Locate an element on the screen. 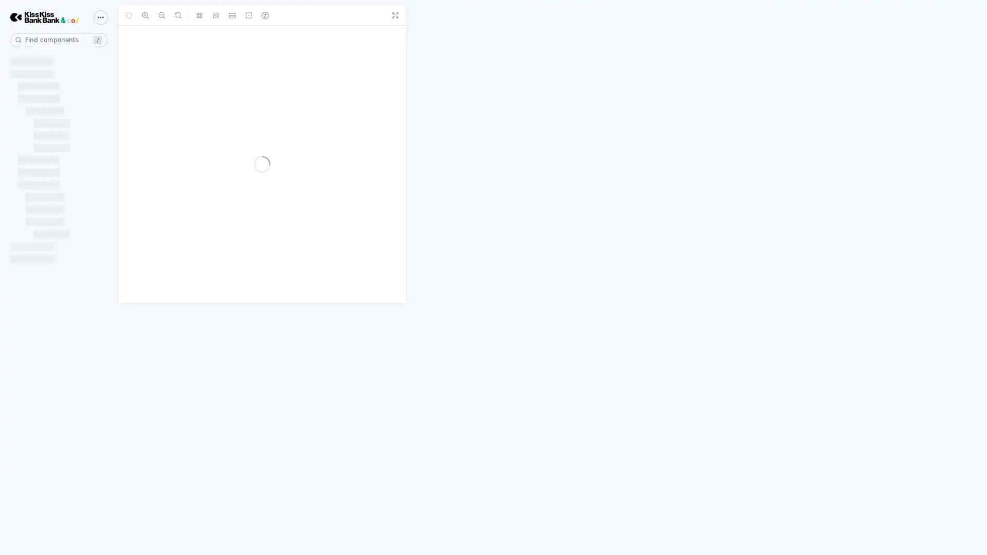 The width and height of the screenshot is (987, 555). Apply outlines to the preview is located at coordinates (345, 15).